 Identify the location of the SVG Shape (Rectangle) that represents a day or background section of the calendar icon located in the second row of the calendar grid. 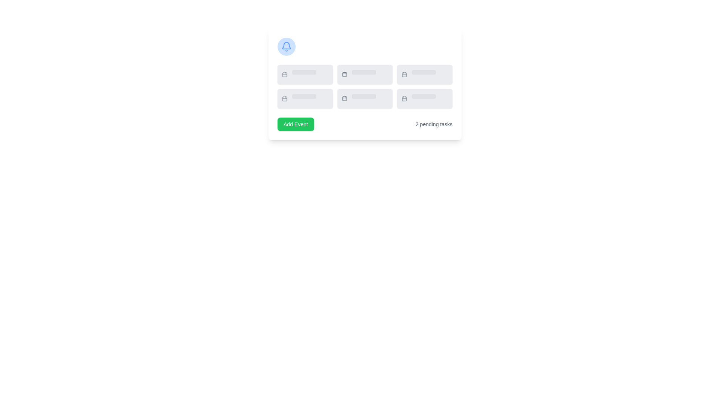
(344, 98).